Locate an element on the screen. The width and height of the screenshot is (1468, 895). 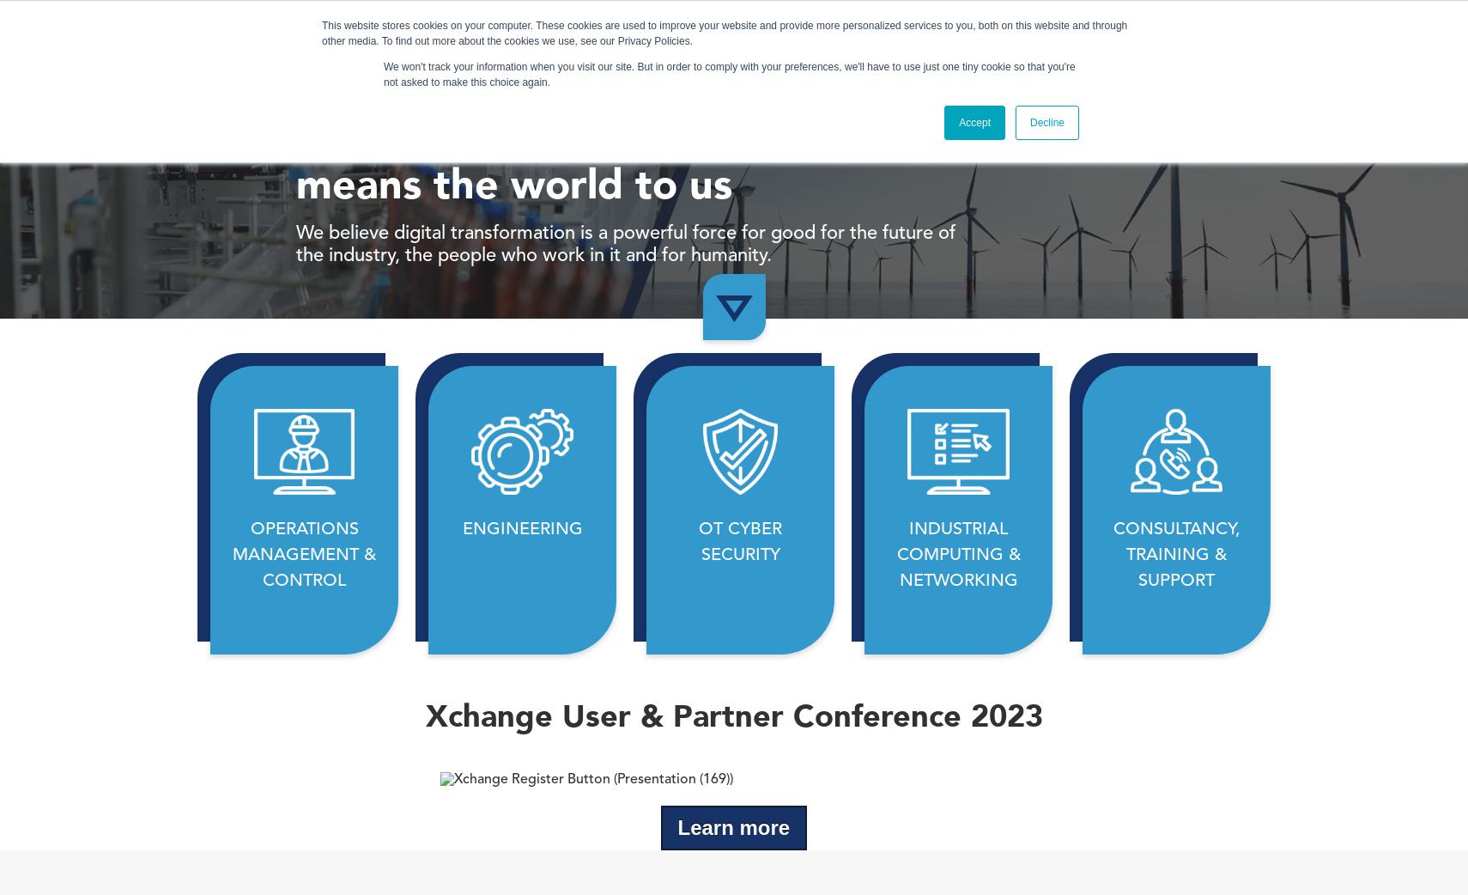
'What We Do' is located at coordinates (708, 29).